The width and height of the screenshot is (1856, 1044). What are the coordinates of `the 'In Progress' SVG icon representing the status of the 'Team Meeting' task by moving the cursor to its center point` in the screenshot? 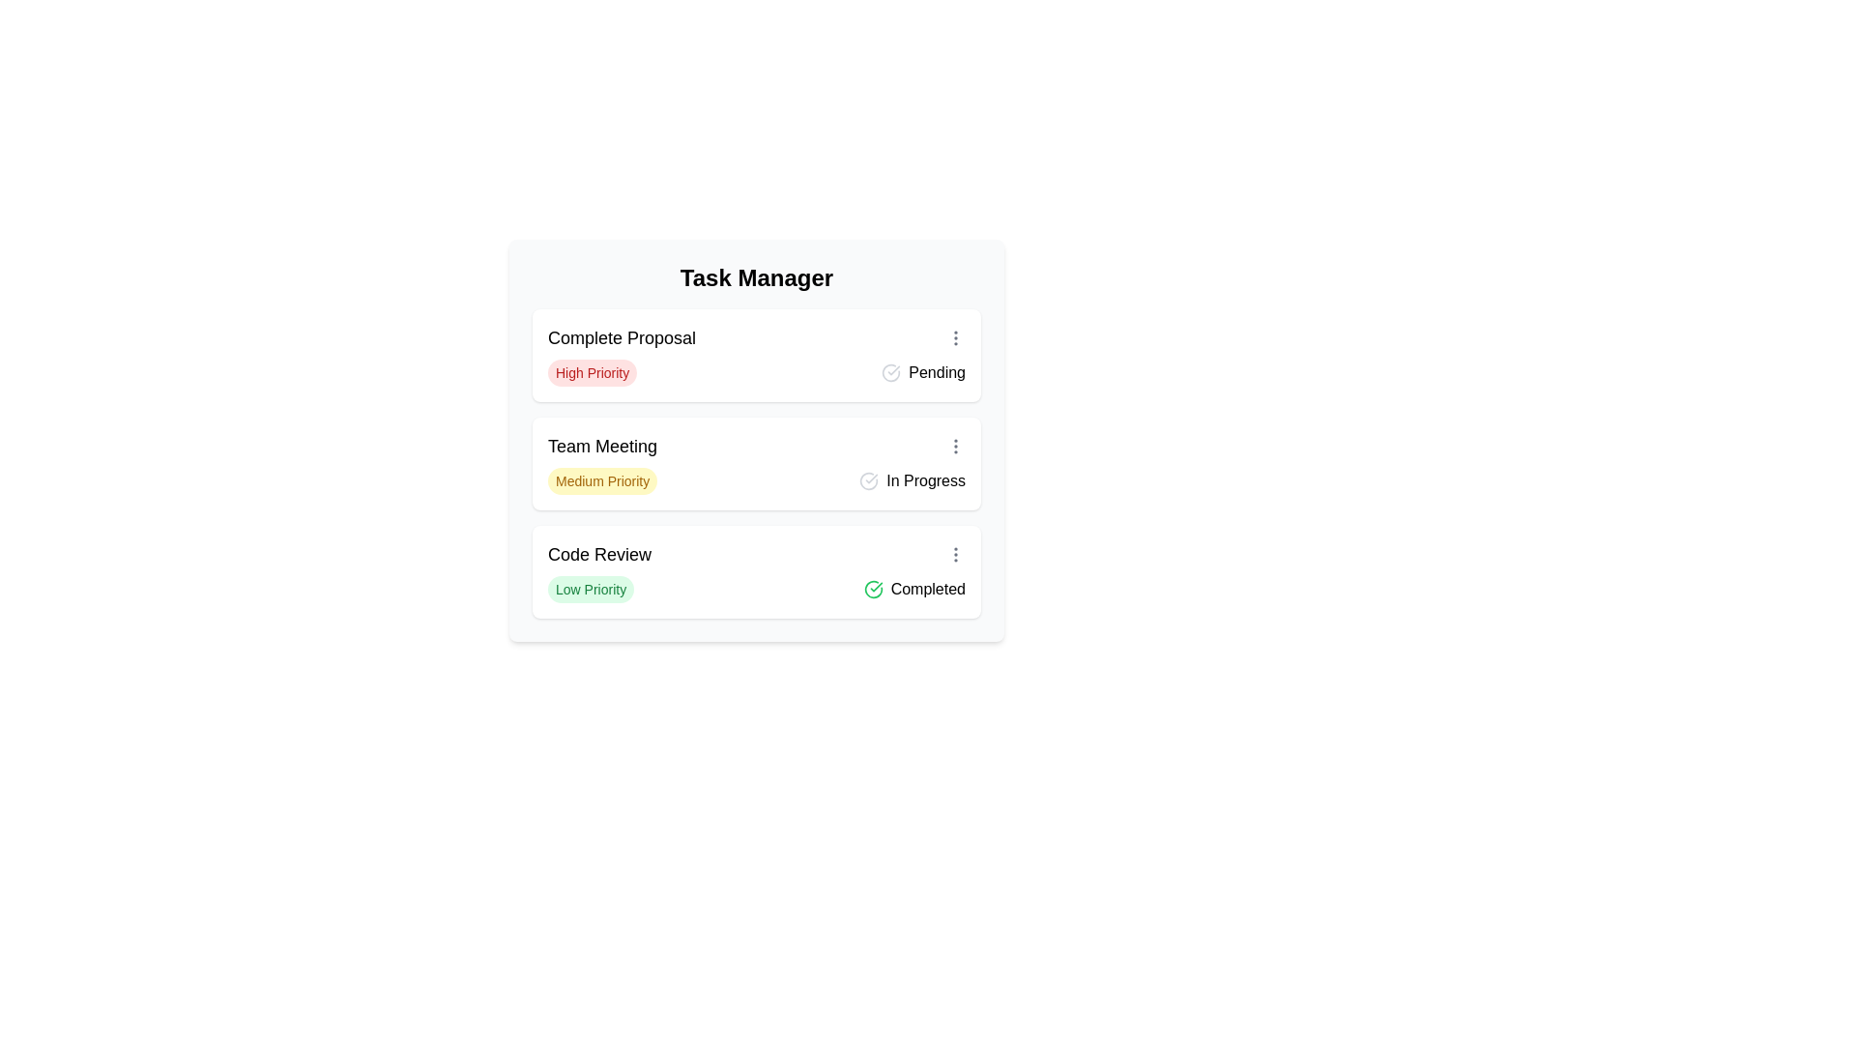 It's located at (868, 479).